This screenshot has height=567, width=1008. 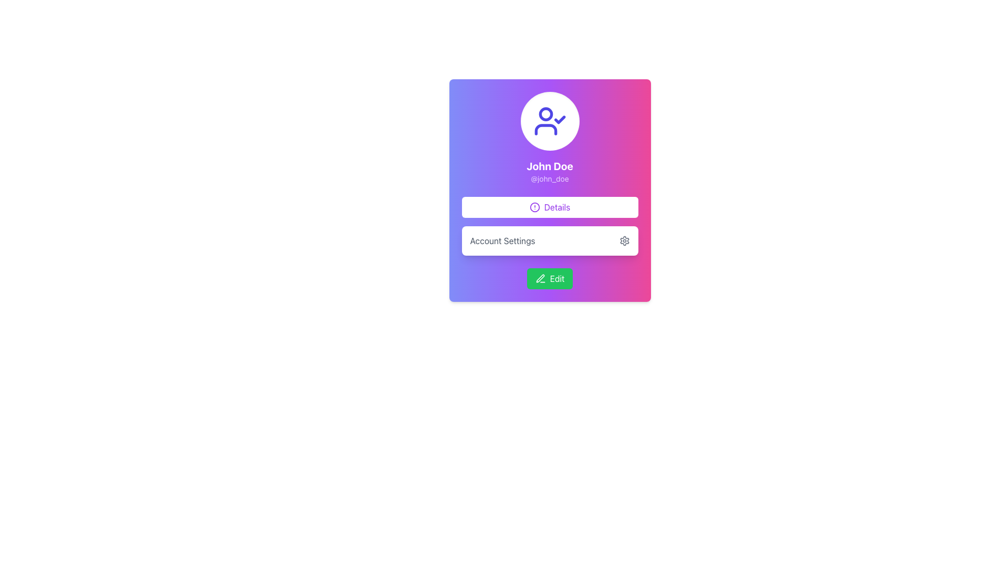 What do you see at coordinates (549, 178) in the screenshot?
I see `the text display component that shows the username associated with the profile, located below 'John Doe'` at bounding box center [549, 178].